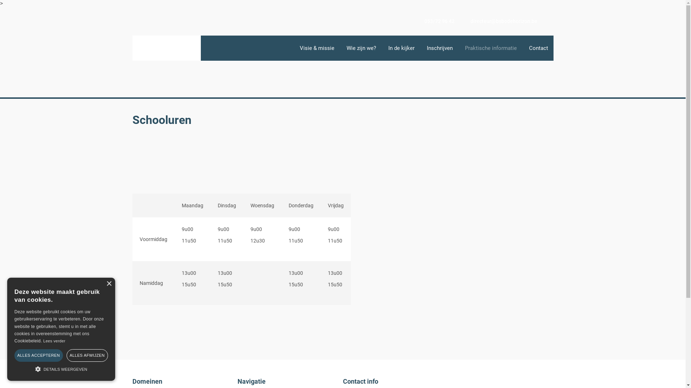 Image resolution: width=691 pixels, height=388 pixels. Describe the element at coordinates (401, 48) in the screenshot. I see `'In de kijker'` at that location.